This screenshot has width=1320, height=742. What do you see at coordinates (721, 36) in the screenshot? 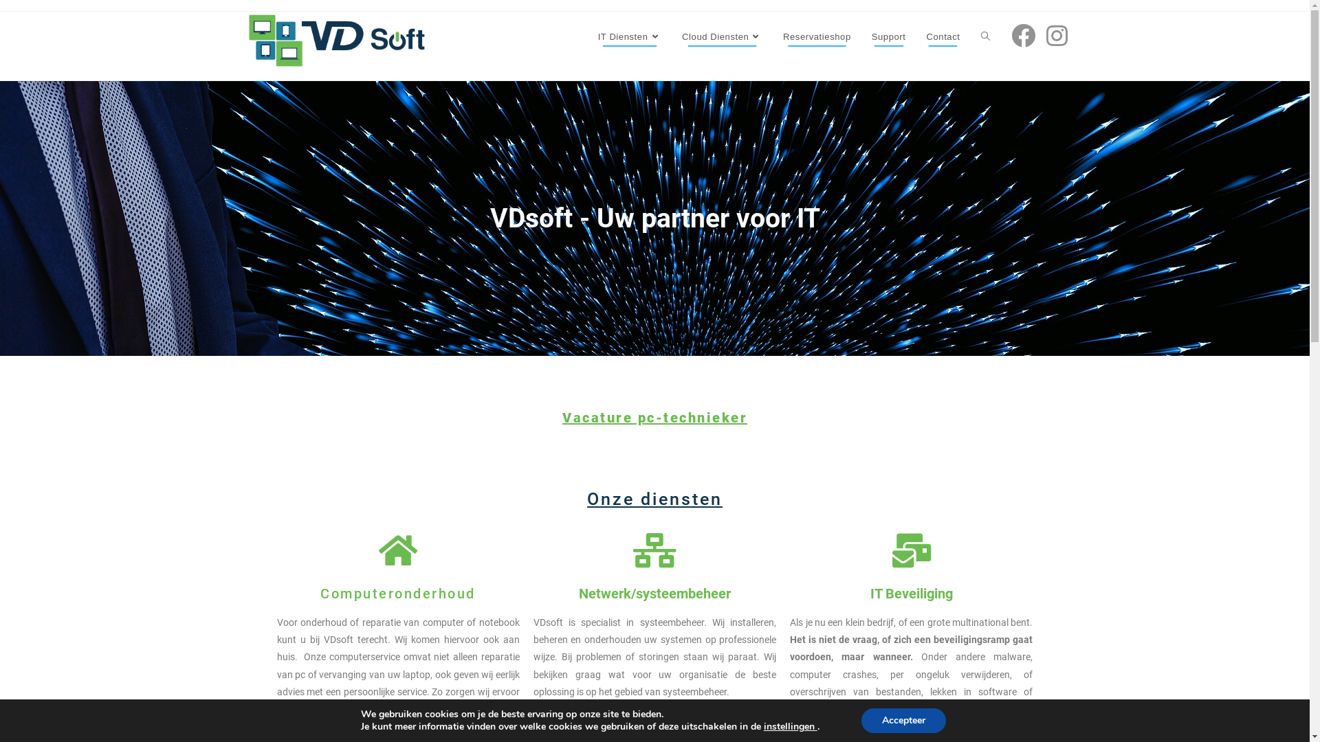
I see `'Cloud Diensten'` at bounding box center [721, 36].